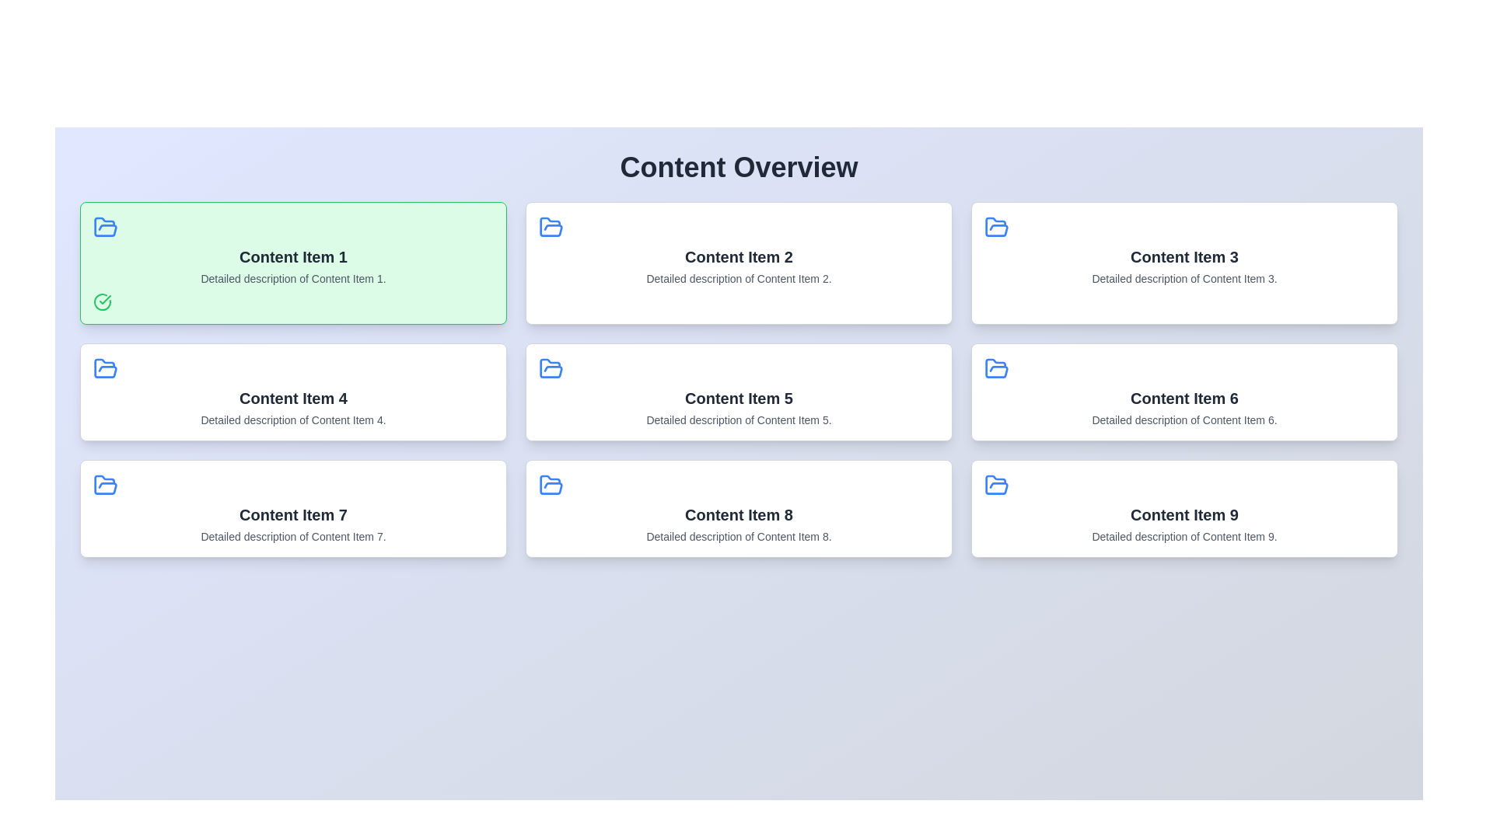 This screenshot has width=1493, height=839. Describe the element at coordinates (738, 256) in the screenshot. I see `title text of the second content item card in the first row of the grid layout, which is represented by the static text element` at that location.